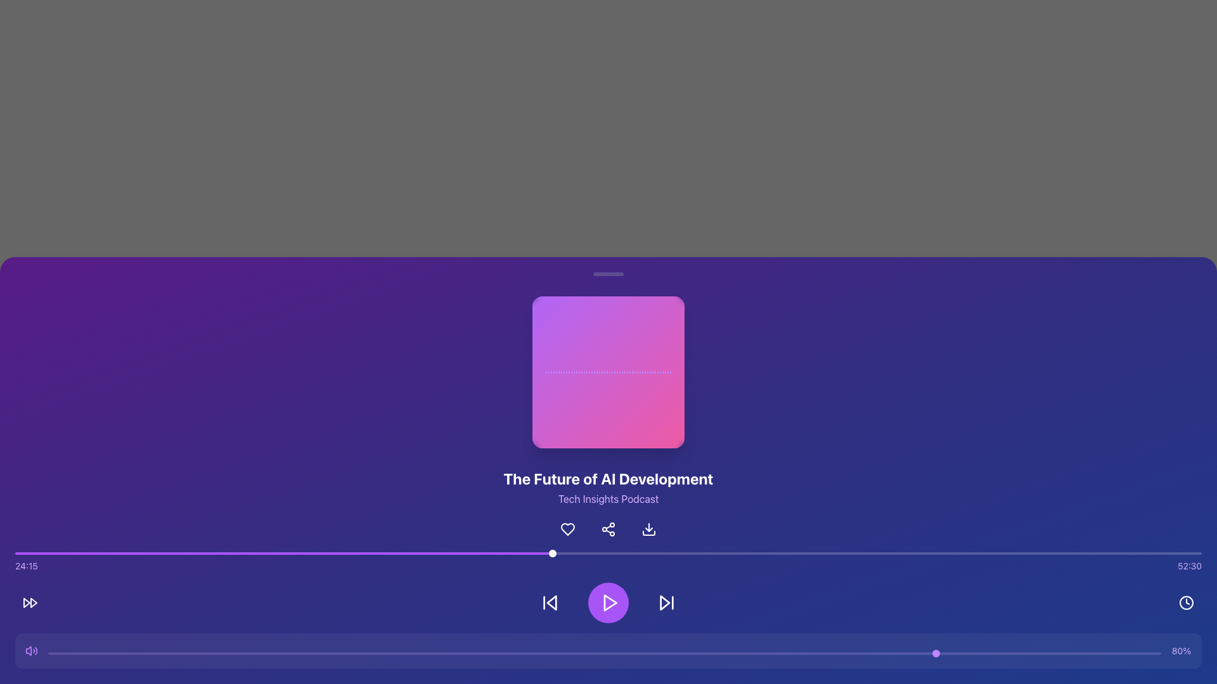  Describe the element at coordinates (905, 553) in the screenshot. I see `progress` at that location.